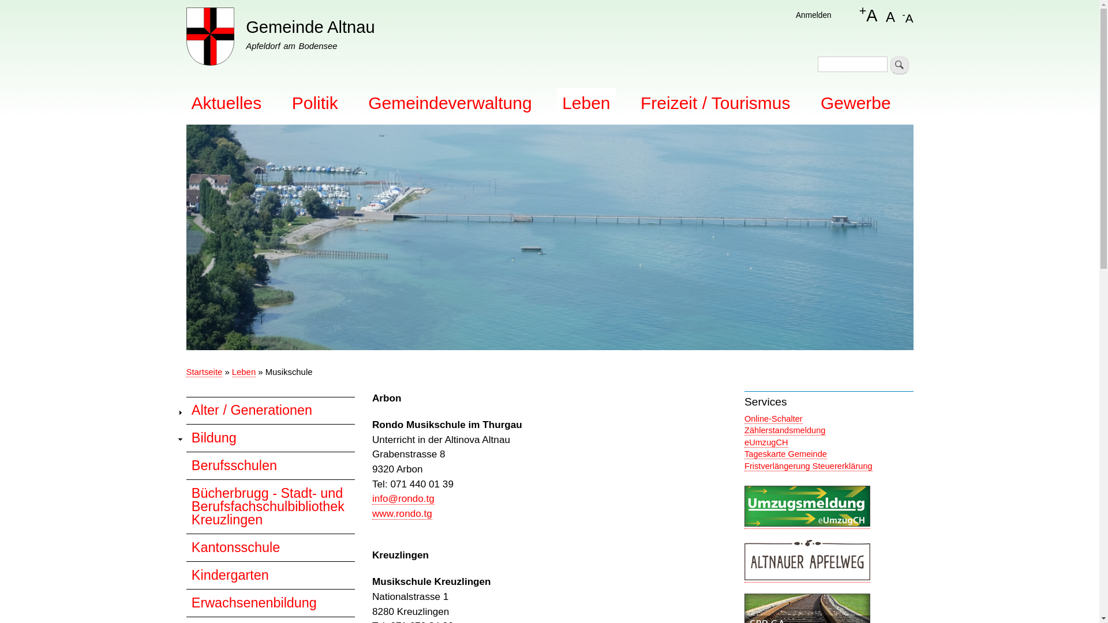  I want to click on 'Gewerbe', so click(856, 102).